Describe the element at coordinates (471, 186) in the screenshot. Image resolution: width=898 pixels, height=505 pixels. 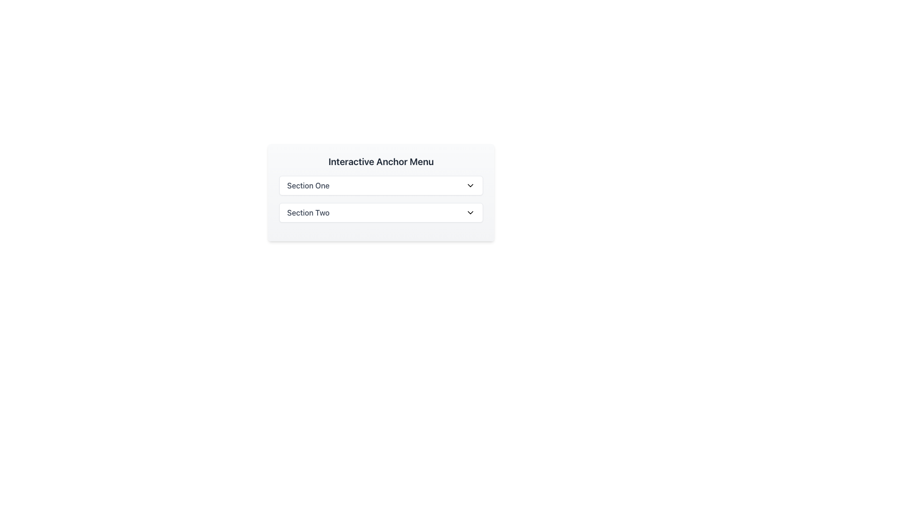
I see `the chevron icon on the far-right of the 'Section One' menu` at that location.